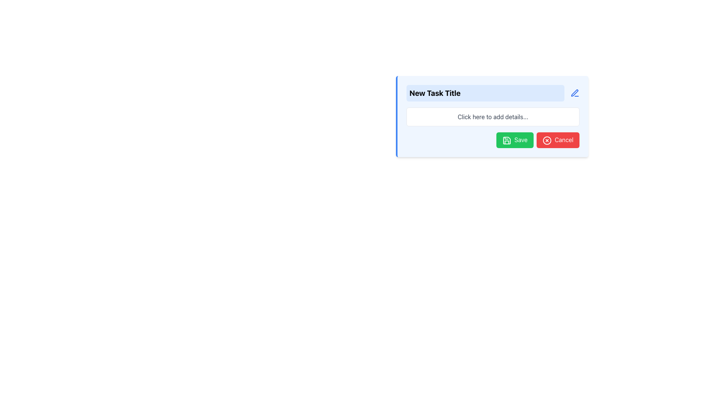 The image size is (722, 406). I want to click on the green floppy disk icon located to the left of the 'Save' button at the bottom center of the interface, so click(507, 140).